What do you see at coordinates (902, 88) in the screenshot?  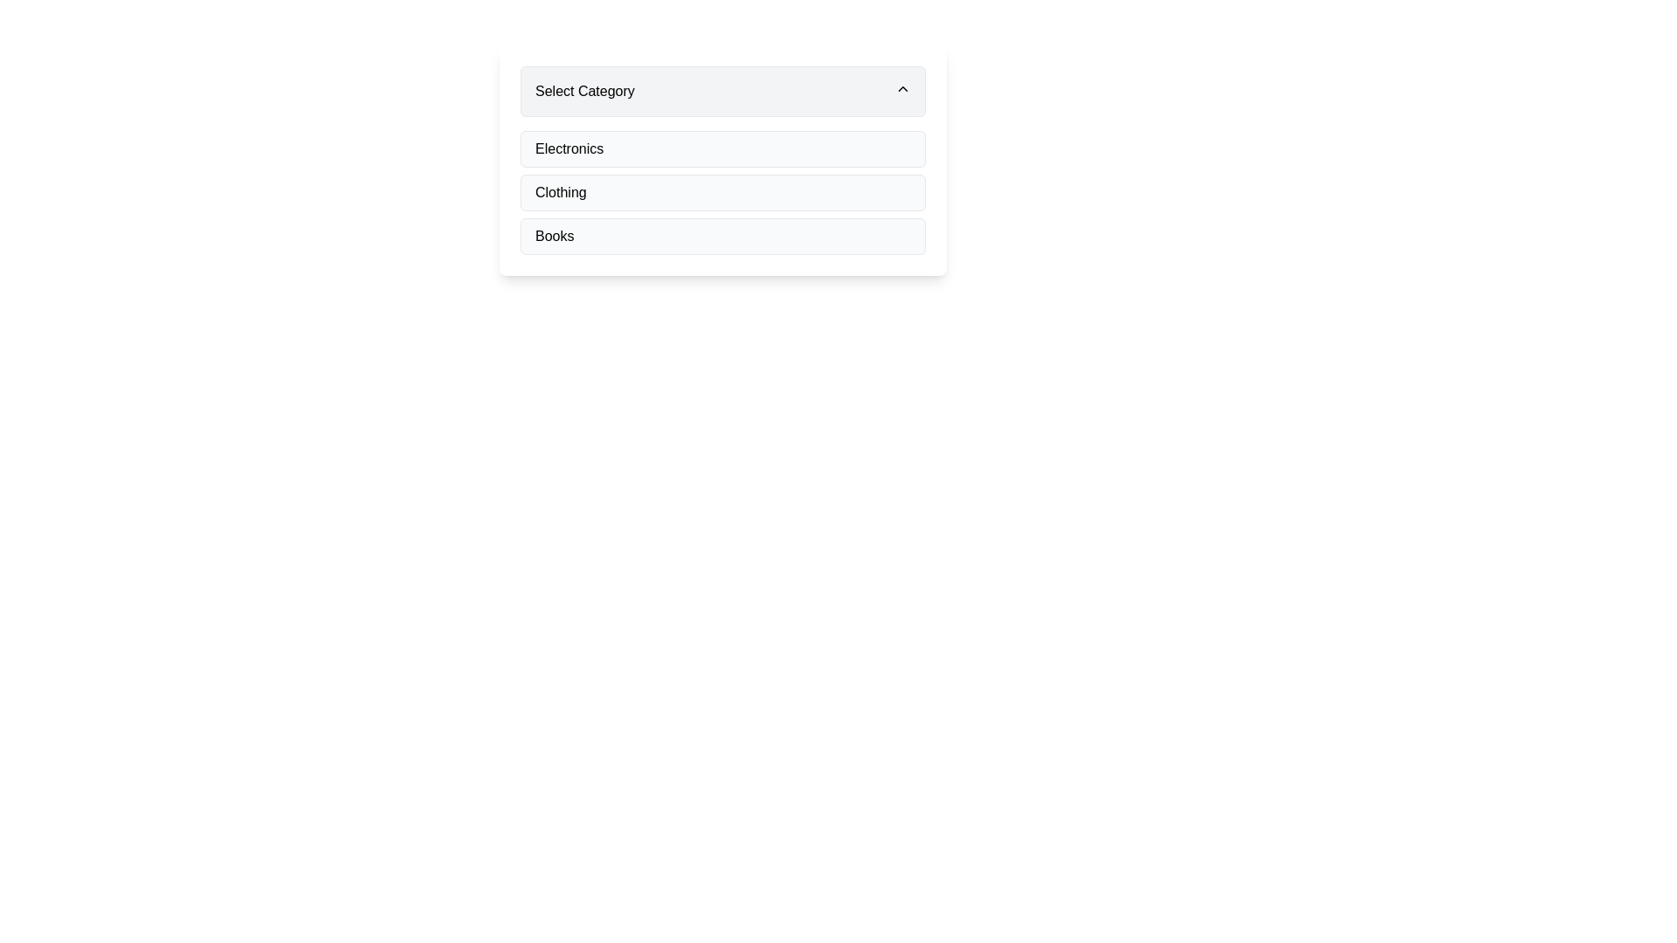 I see `the Chevron-Up Symbol icon located to the far right side of the dropdown header labeled 'Select Category' to check for highlighting that indicates interactivity` at bounding box center [902, 88].